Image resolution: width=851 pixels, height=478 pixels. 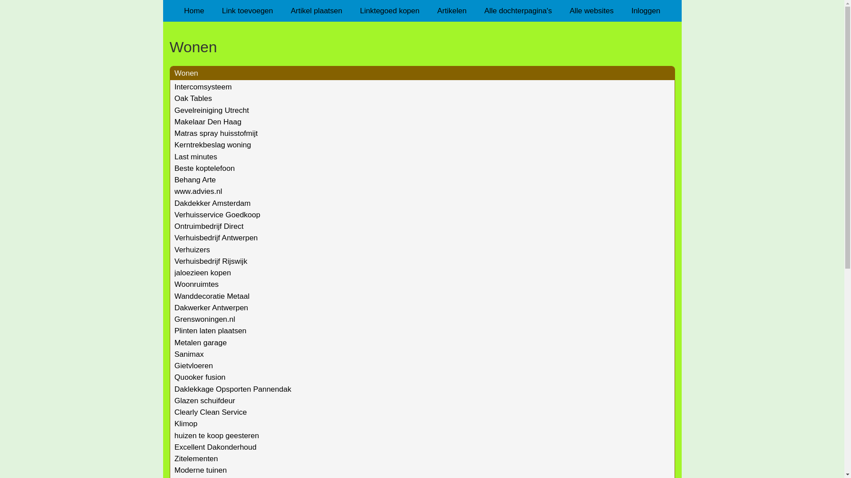 What do you see at coordinates (174, 133) in the screenshot?
I see `'Matras spray huisstofmijt'` at bounding box center [174, 133].